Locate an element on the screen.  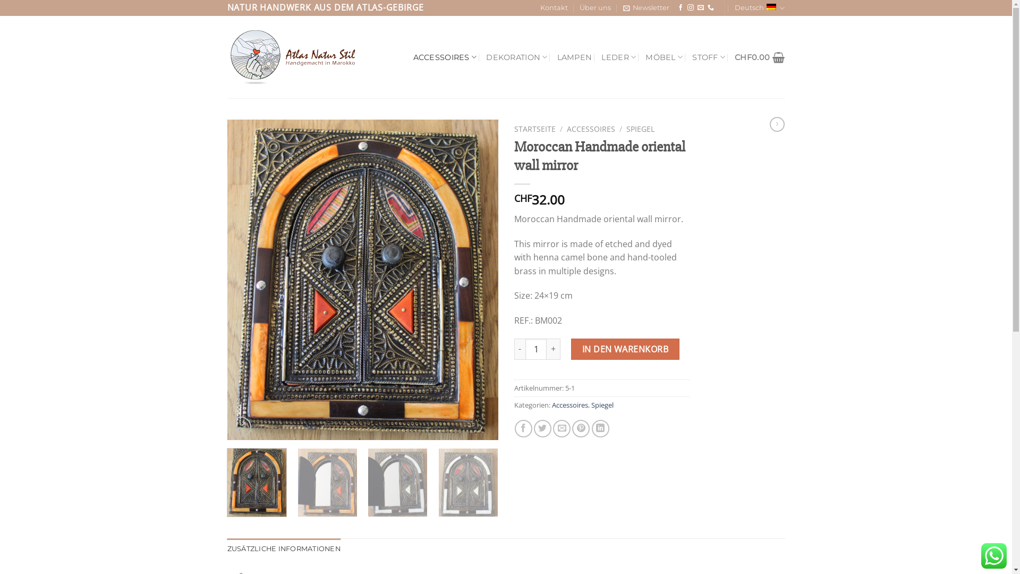
'Menge' is located at coordinates (535, 349).